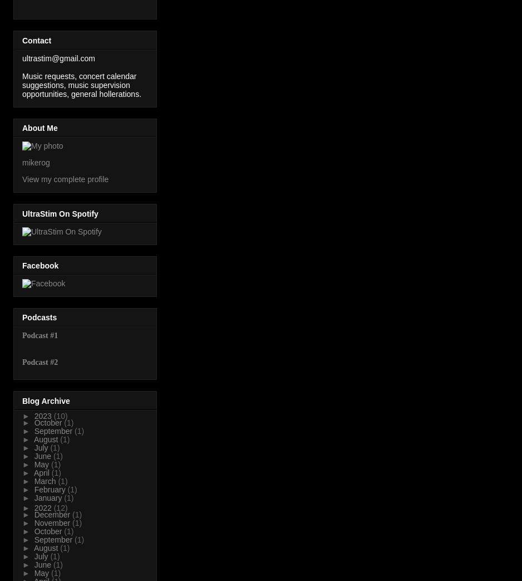 Image resolution: width=522 pixels, height=581 pixels. I want to click on 'About Me', so click(21, 128).